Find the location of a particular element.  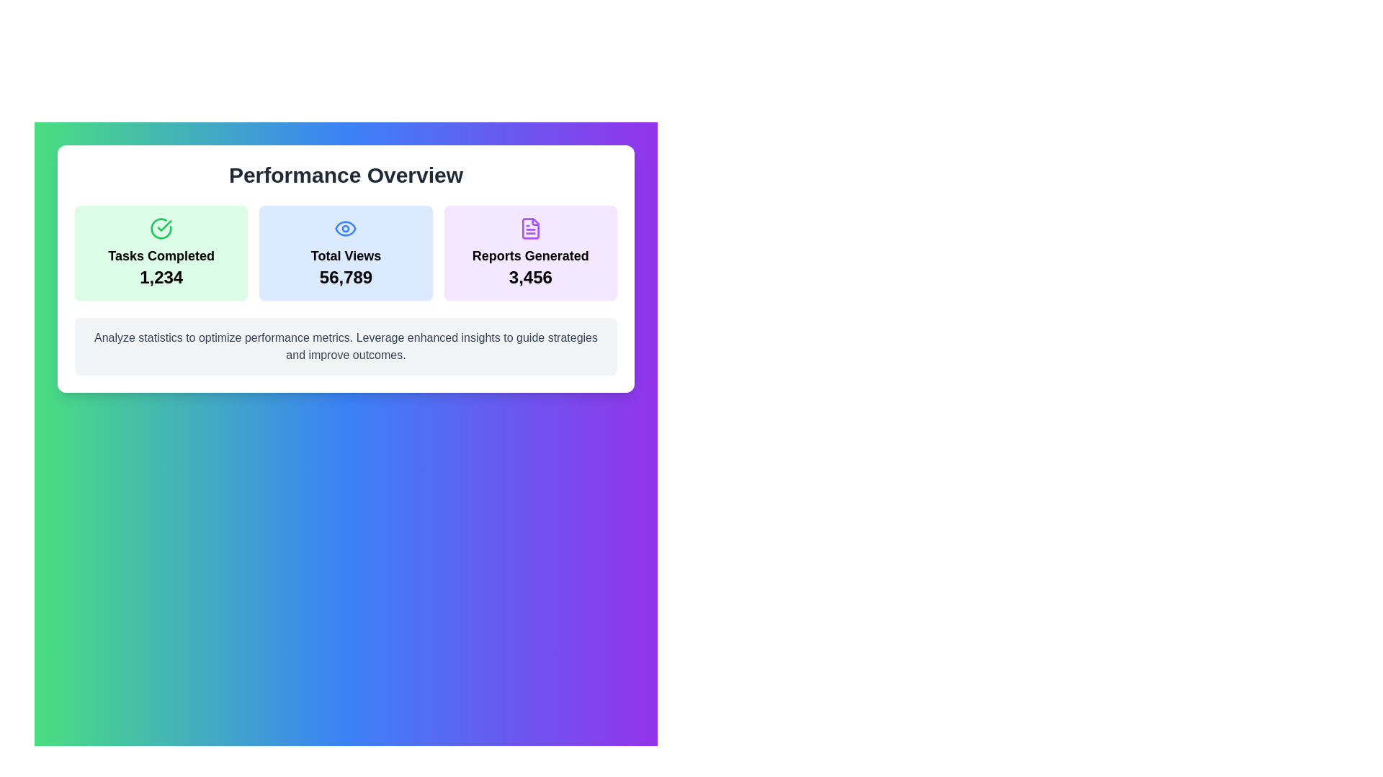

the text block that reads 'Analyze statistics to optimize performance metrics. Leverage enhanced insights to guide strategies and improve outcomes.' which is centrally aligned beneath the three cards labeled 'Tasks Completed,' 'Total Views,' and 'Reports Generated.' is located at coordinates (346, 347).